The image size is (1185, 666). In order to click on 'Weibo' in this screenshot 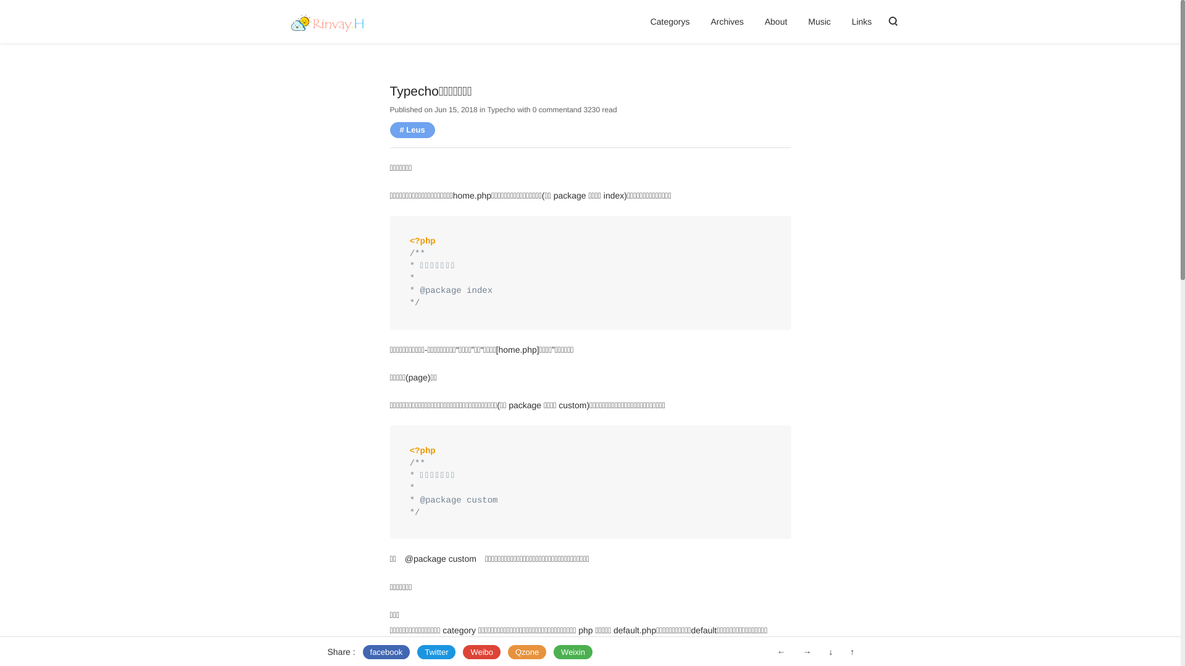, I will do `click(481, 651)`.